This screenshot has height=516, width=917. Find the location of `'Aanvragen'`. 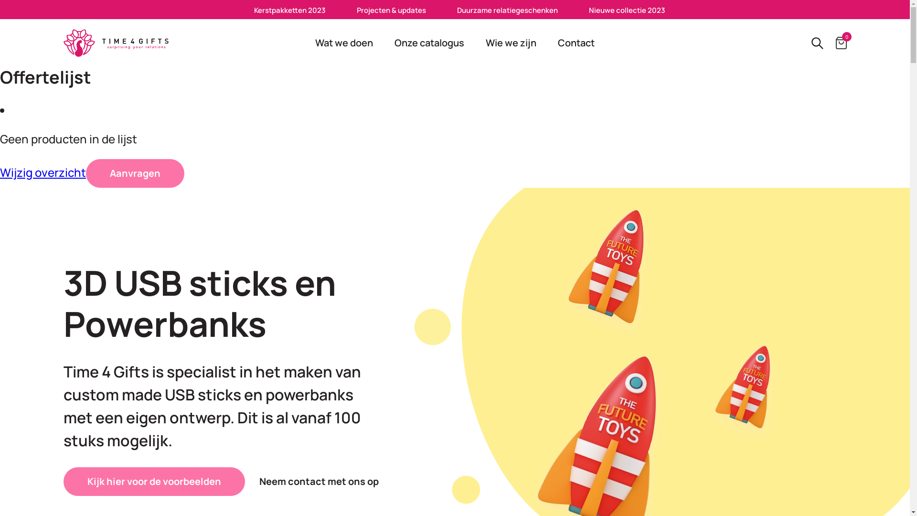

'Aanvragen' is located at coordinates (135, 173).